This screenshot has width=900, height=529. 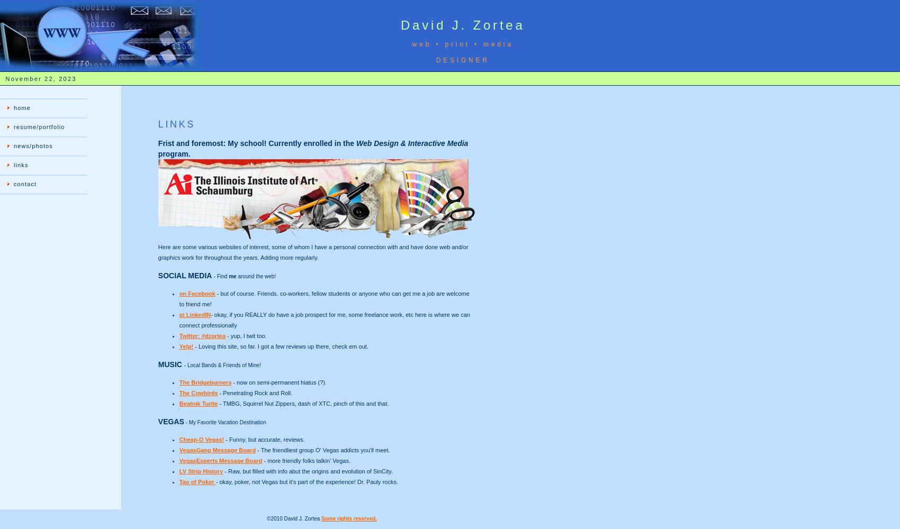 I want to click on 'around the web!', so click(x=256, y=276).